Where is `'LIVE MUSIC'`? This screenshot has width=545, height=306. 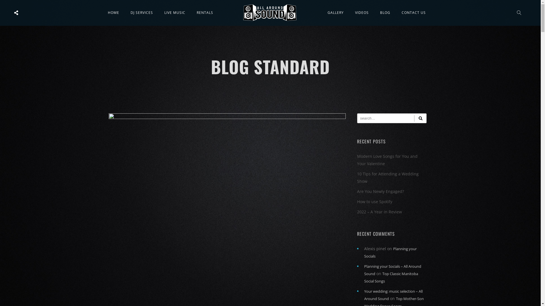 'LIVE MUSIC' is located at coordinates (174, 12).